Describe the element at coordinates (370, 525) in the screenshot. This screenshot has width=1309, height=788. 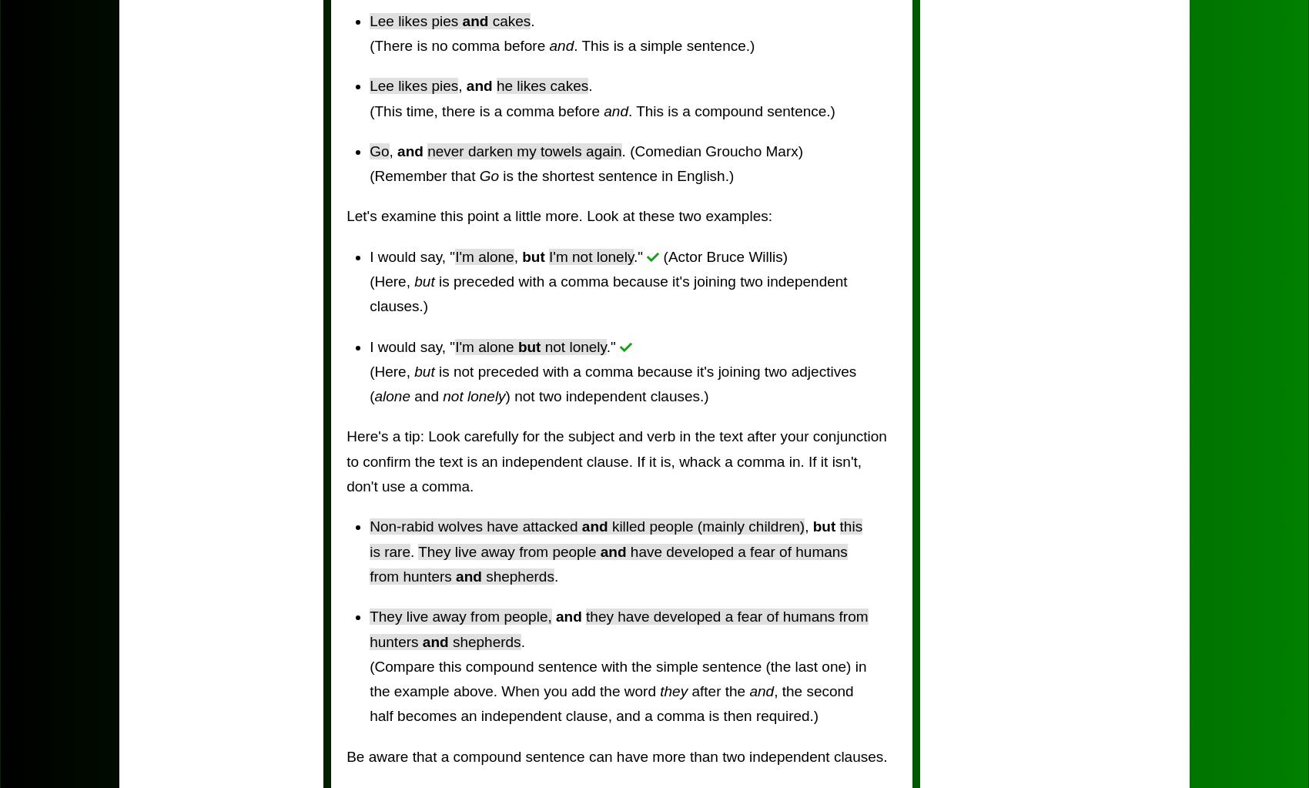
I see `'Non-rabid wolves have attacked'` at that location.